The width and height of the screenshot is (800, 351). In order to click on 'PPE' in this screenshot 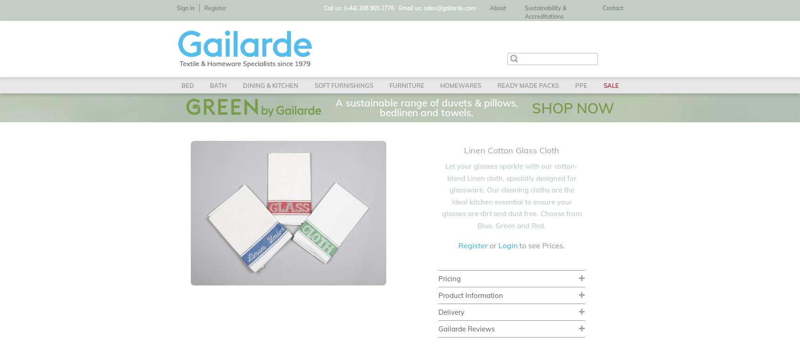, I will do `click(574, 85)`.